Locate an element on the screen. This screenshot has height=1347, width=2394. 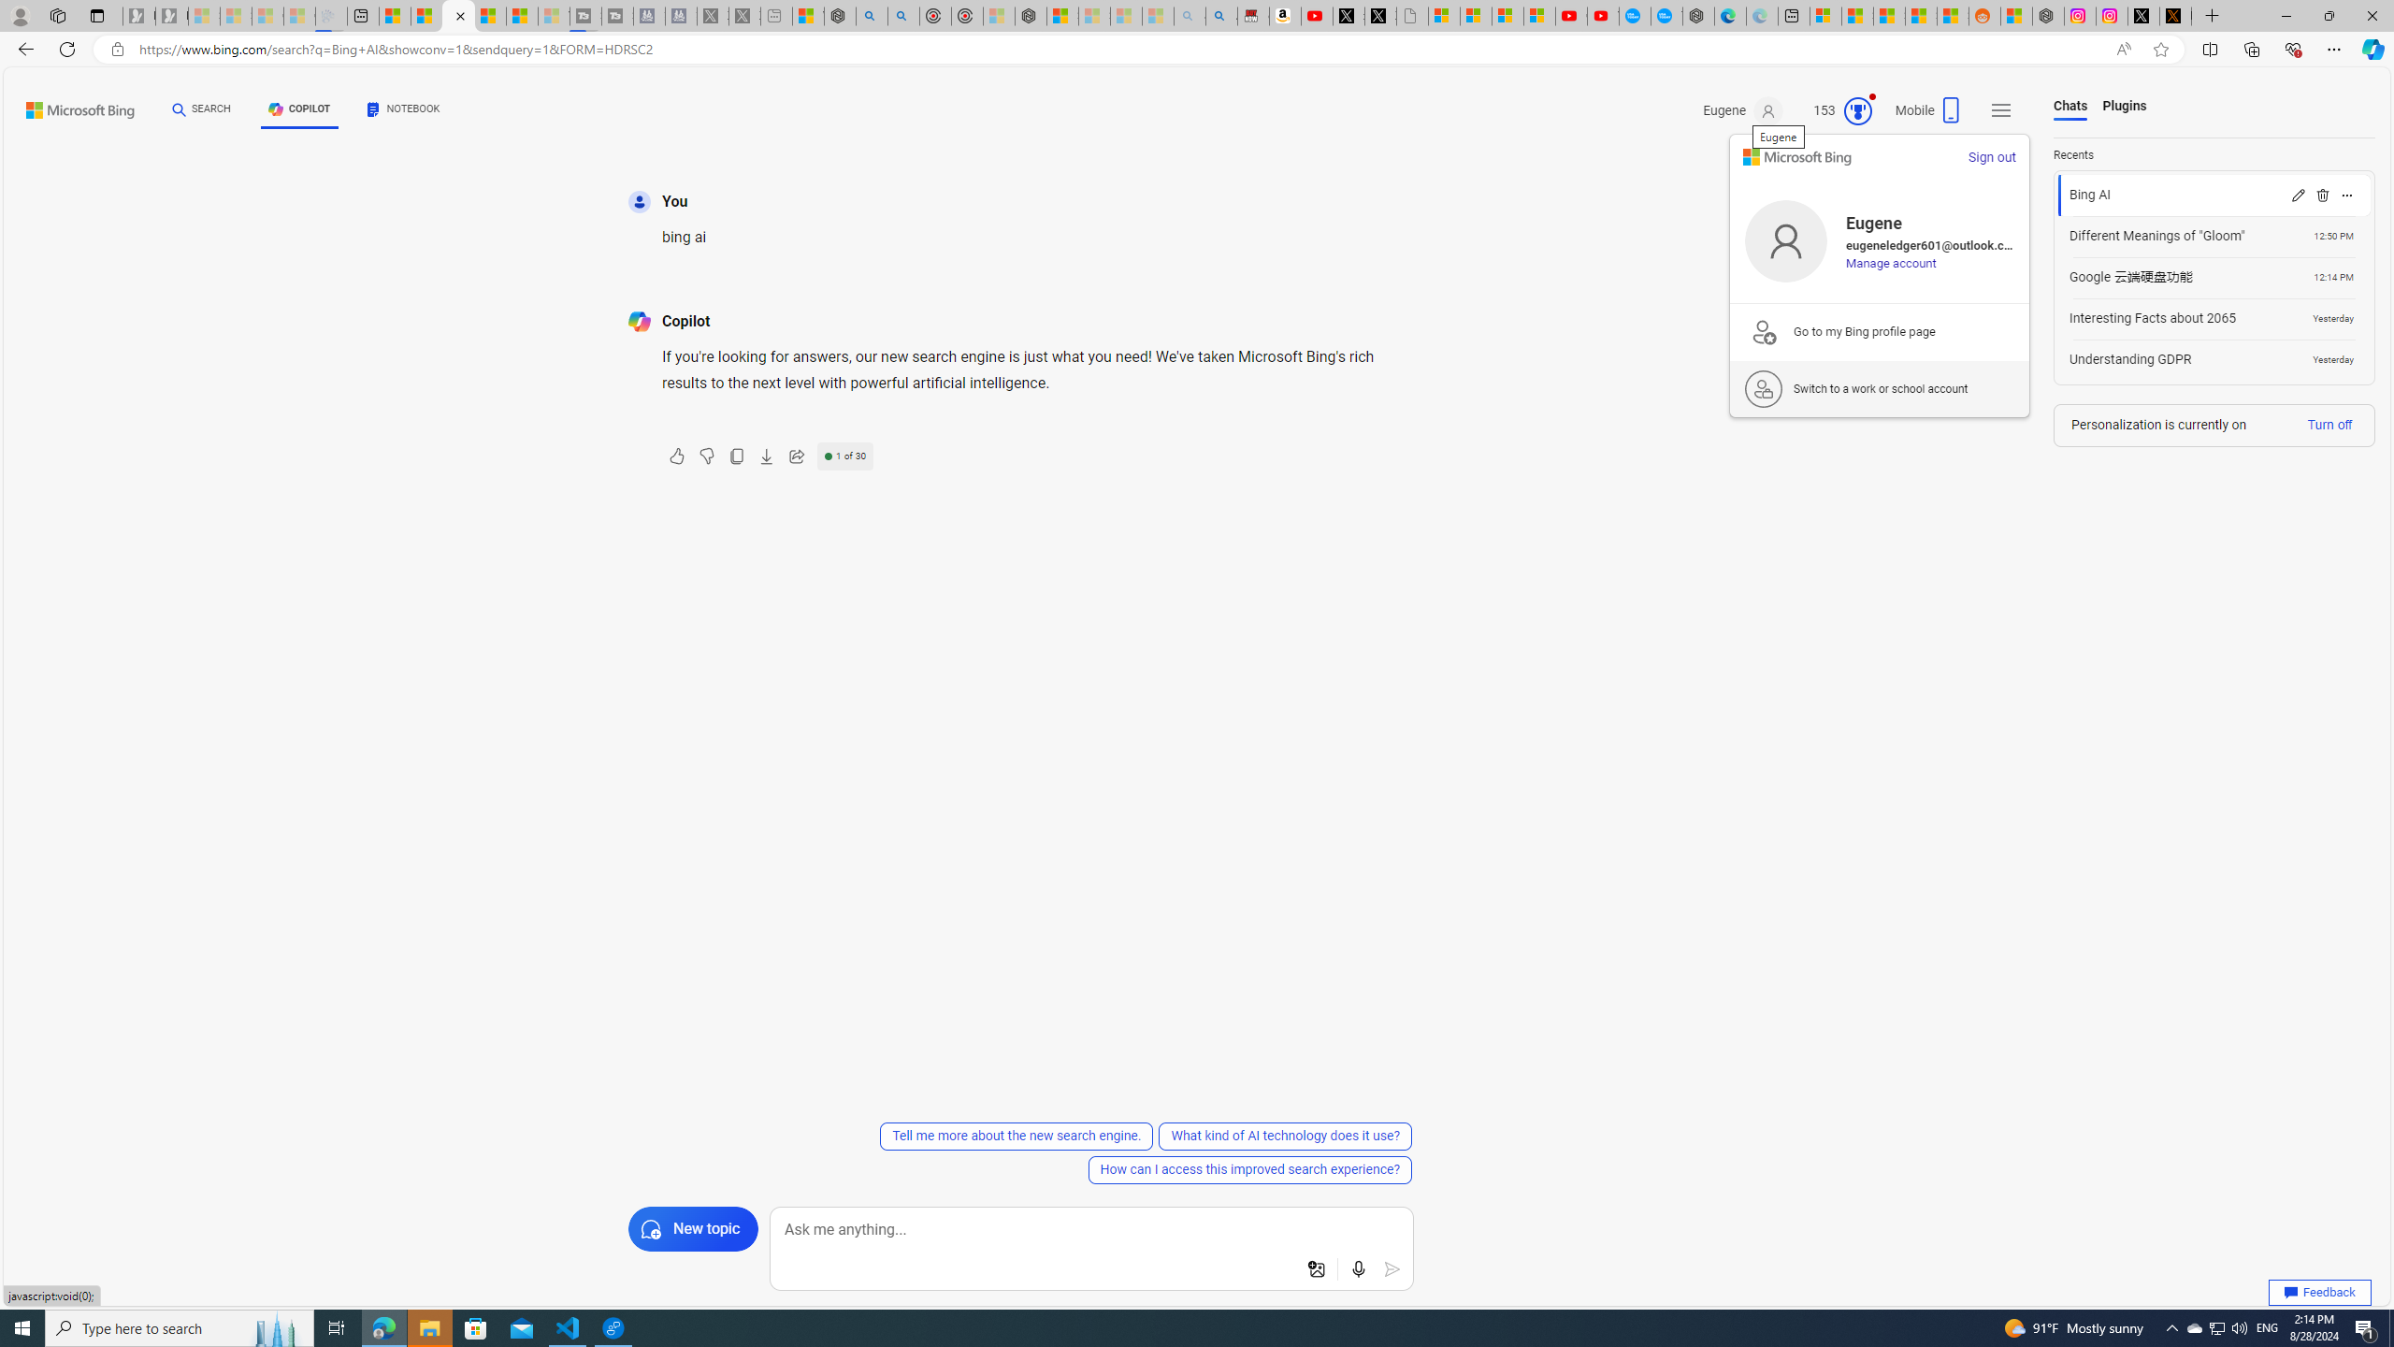
'Bing Pages Upsell Logo' is located at coordinates (1764, 330).